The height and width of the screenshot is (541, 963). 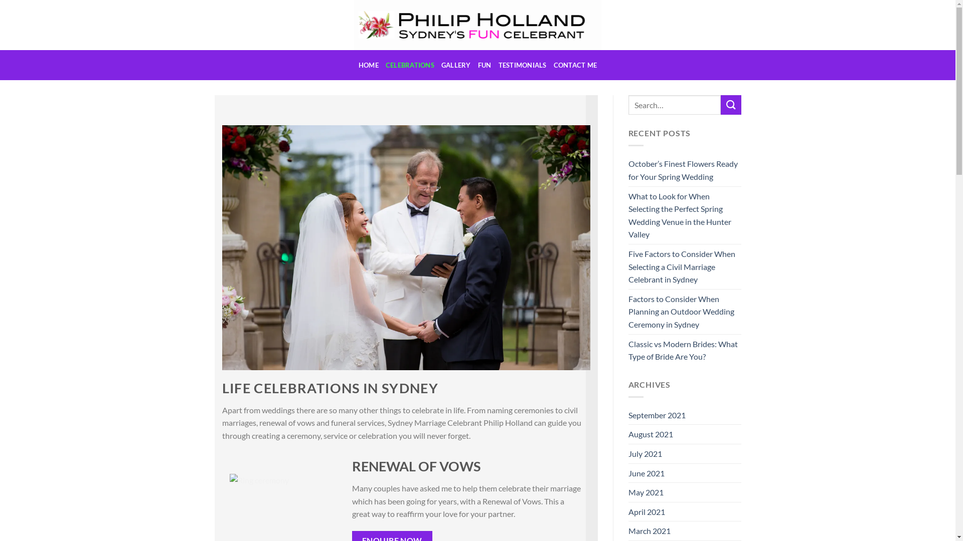 What do you see at coordinates (646, 473) in the screenshot?
I see `'June 2021'` at bounding box center [646, 473].